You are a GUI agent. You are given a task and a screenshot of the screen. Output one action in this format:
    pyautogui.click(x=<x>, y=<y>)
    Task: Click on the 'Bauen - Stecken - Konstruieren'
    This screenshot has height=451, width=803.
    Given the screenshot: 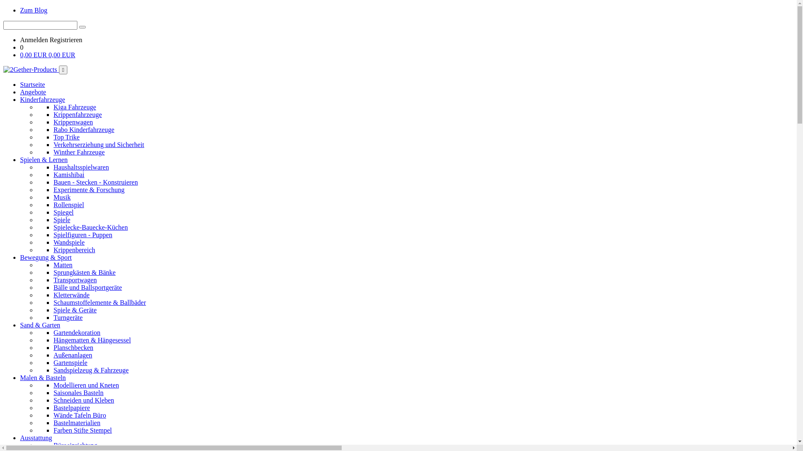 What is the action you would take?
    pyautogui.click(x=96, y=182)
    